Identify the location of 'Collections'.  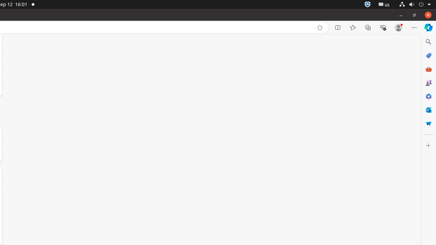
(368, 27).